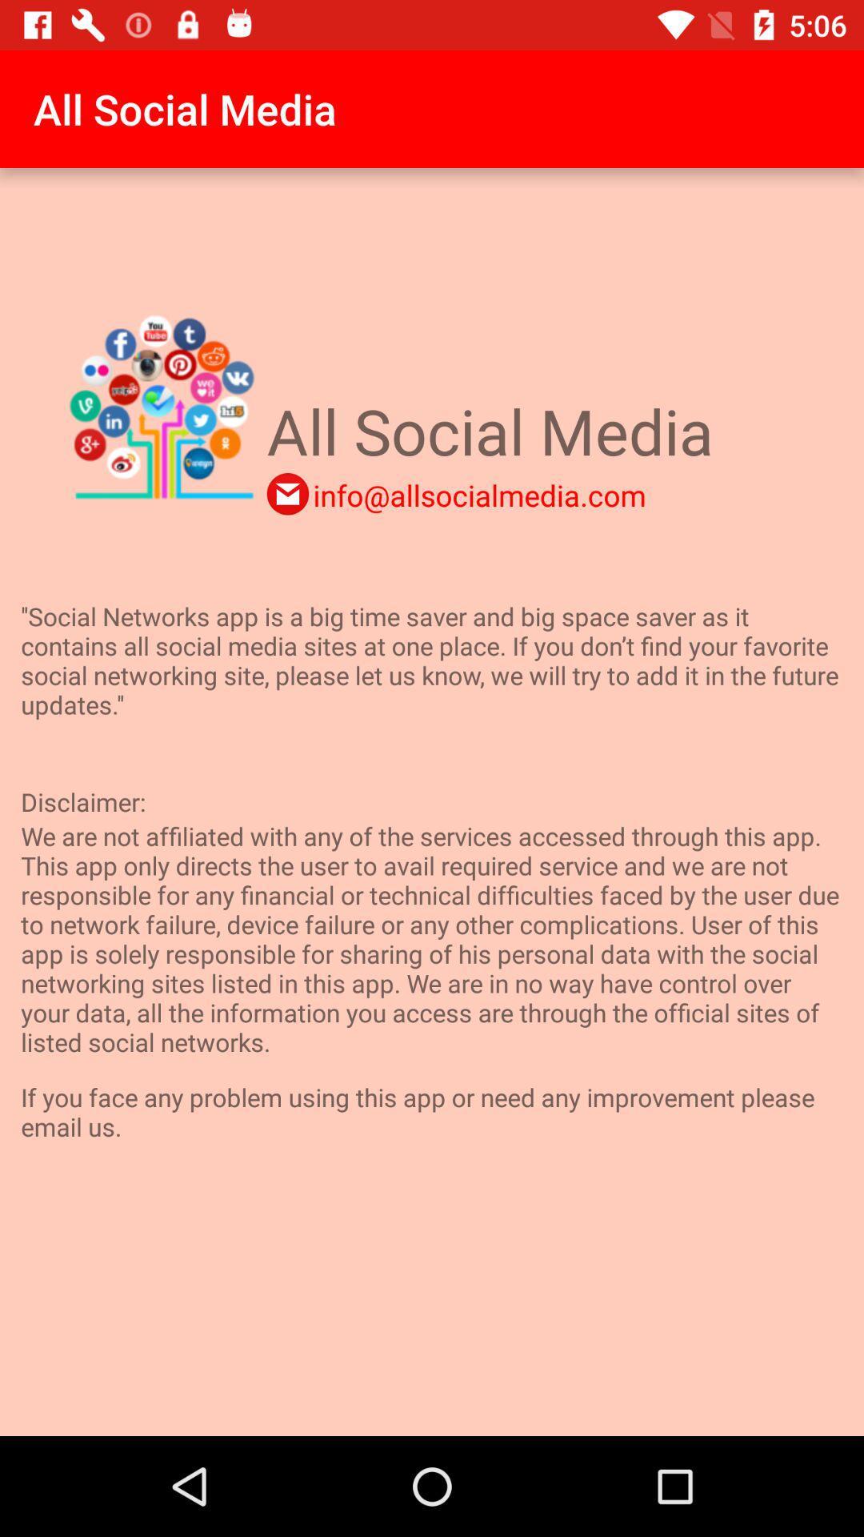 The height and width of the screenshot is (1537, 864). I want to click on the item below the all social media icon, so click(286, 493).